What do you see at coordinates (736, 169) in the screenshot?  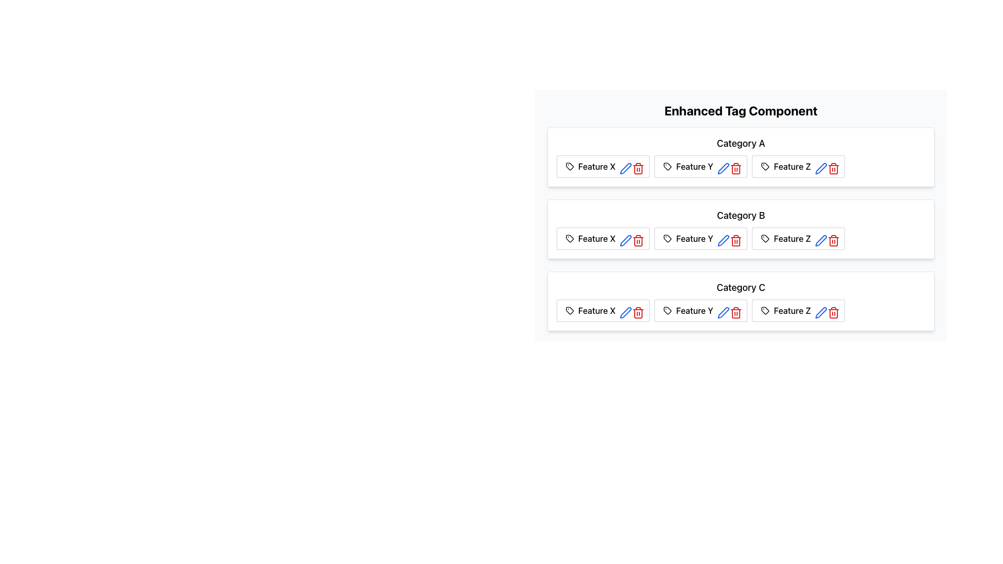 I see `the delete icon which is part of a red trash can shape located next to the 'Feature Y' label under 'Category A' in the Enhanced Tag Component section` at bounding box center [736, 169].